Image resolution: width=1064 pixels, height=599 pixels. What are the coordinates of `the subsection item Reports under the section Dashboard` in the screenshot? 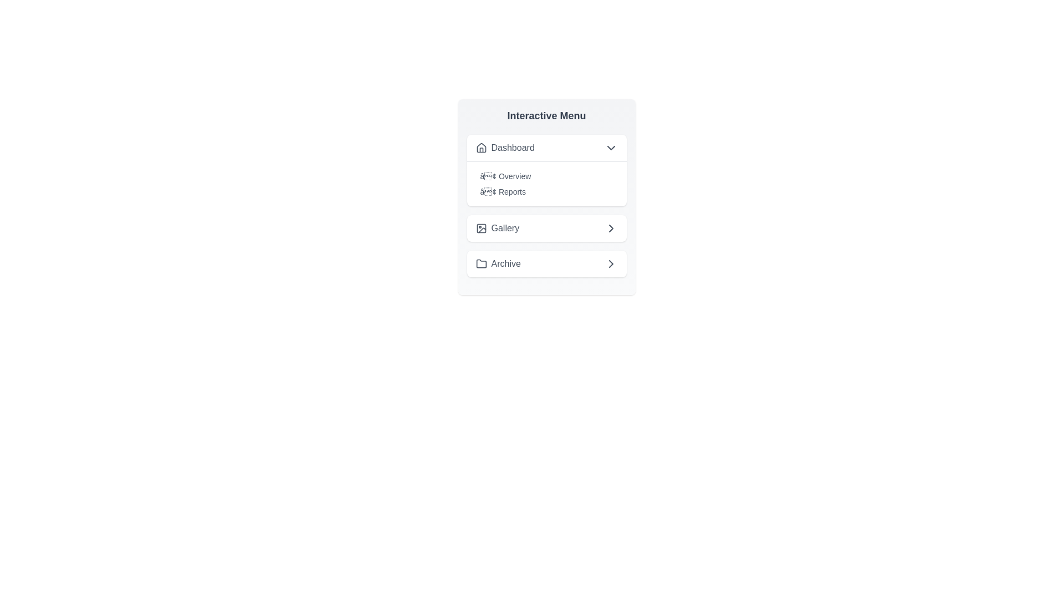 It's located at (546, 191).